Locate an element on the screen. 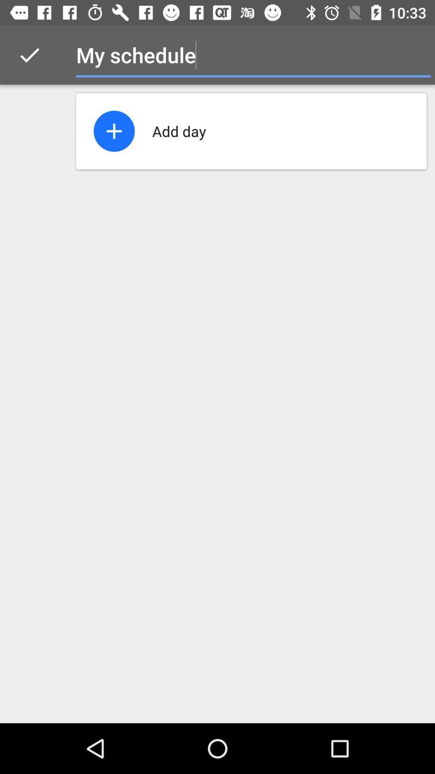  item at the top right corner is located at coordinates (414, 54).